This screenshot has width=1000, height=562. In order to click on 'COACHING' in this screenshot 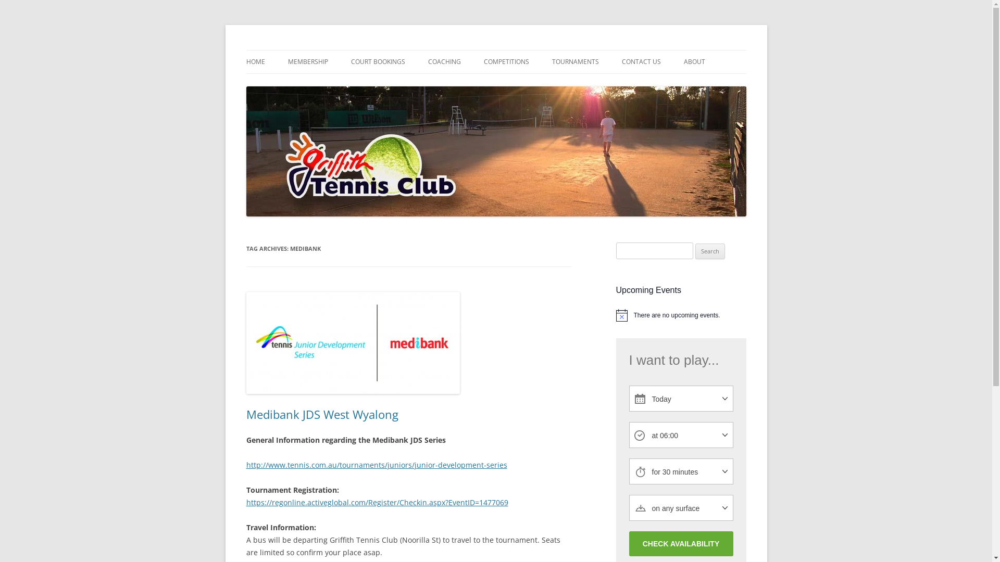, I will do `click(444, 62)`.